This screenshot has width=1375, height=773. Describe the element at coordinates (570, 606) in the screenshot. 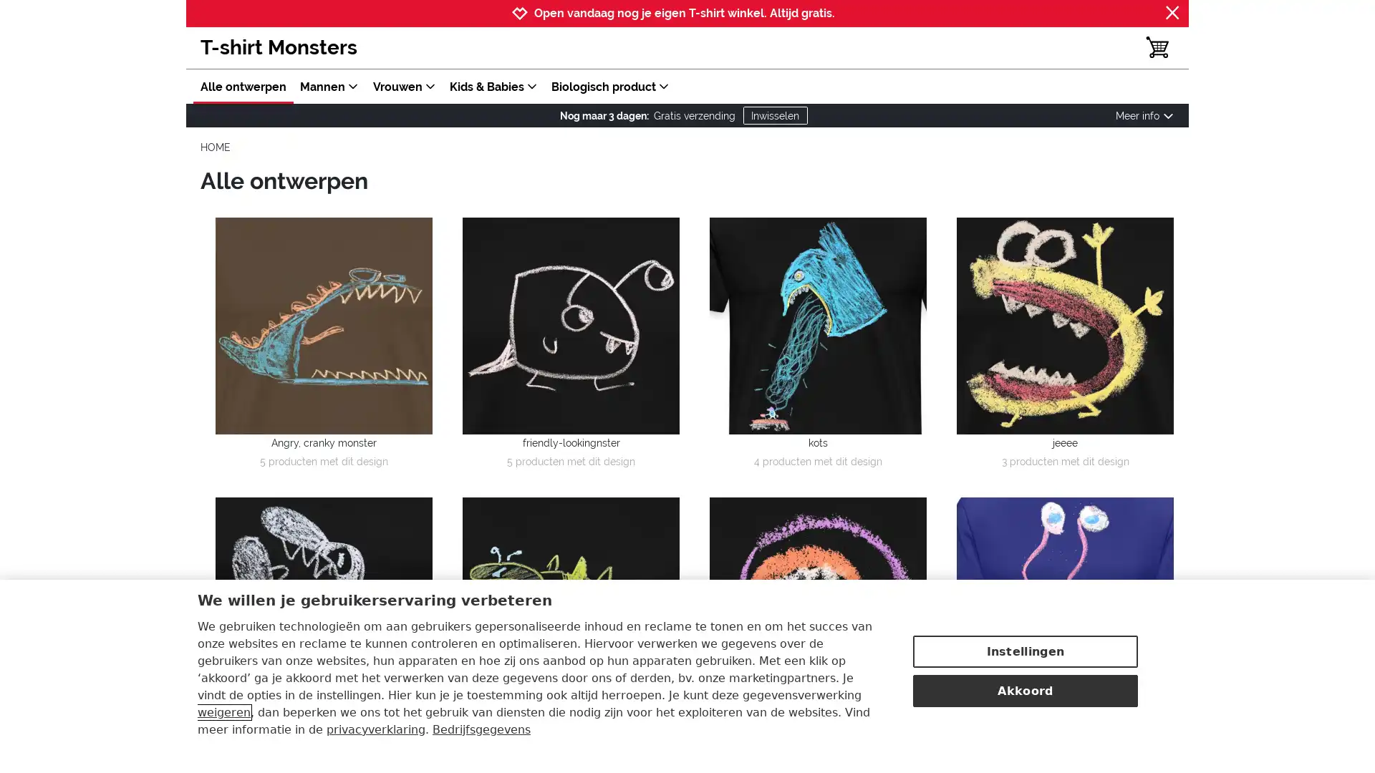

I see `Angry Dino Wasp - Mannen Premium T-shirt` at that location.